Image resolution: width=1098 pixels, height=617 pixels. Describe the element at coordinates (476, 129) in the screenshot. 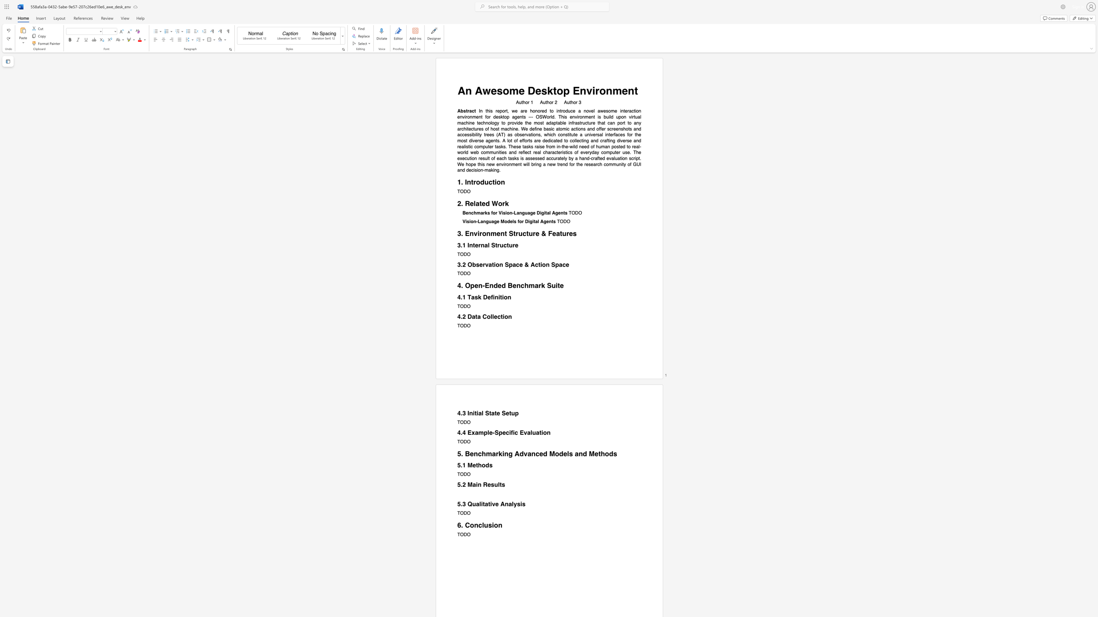

I see `the 7th character "u" in the text` at that location.